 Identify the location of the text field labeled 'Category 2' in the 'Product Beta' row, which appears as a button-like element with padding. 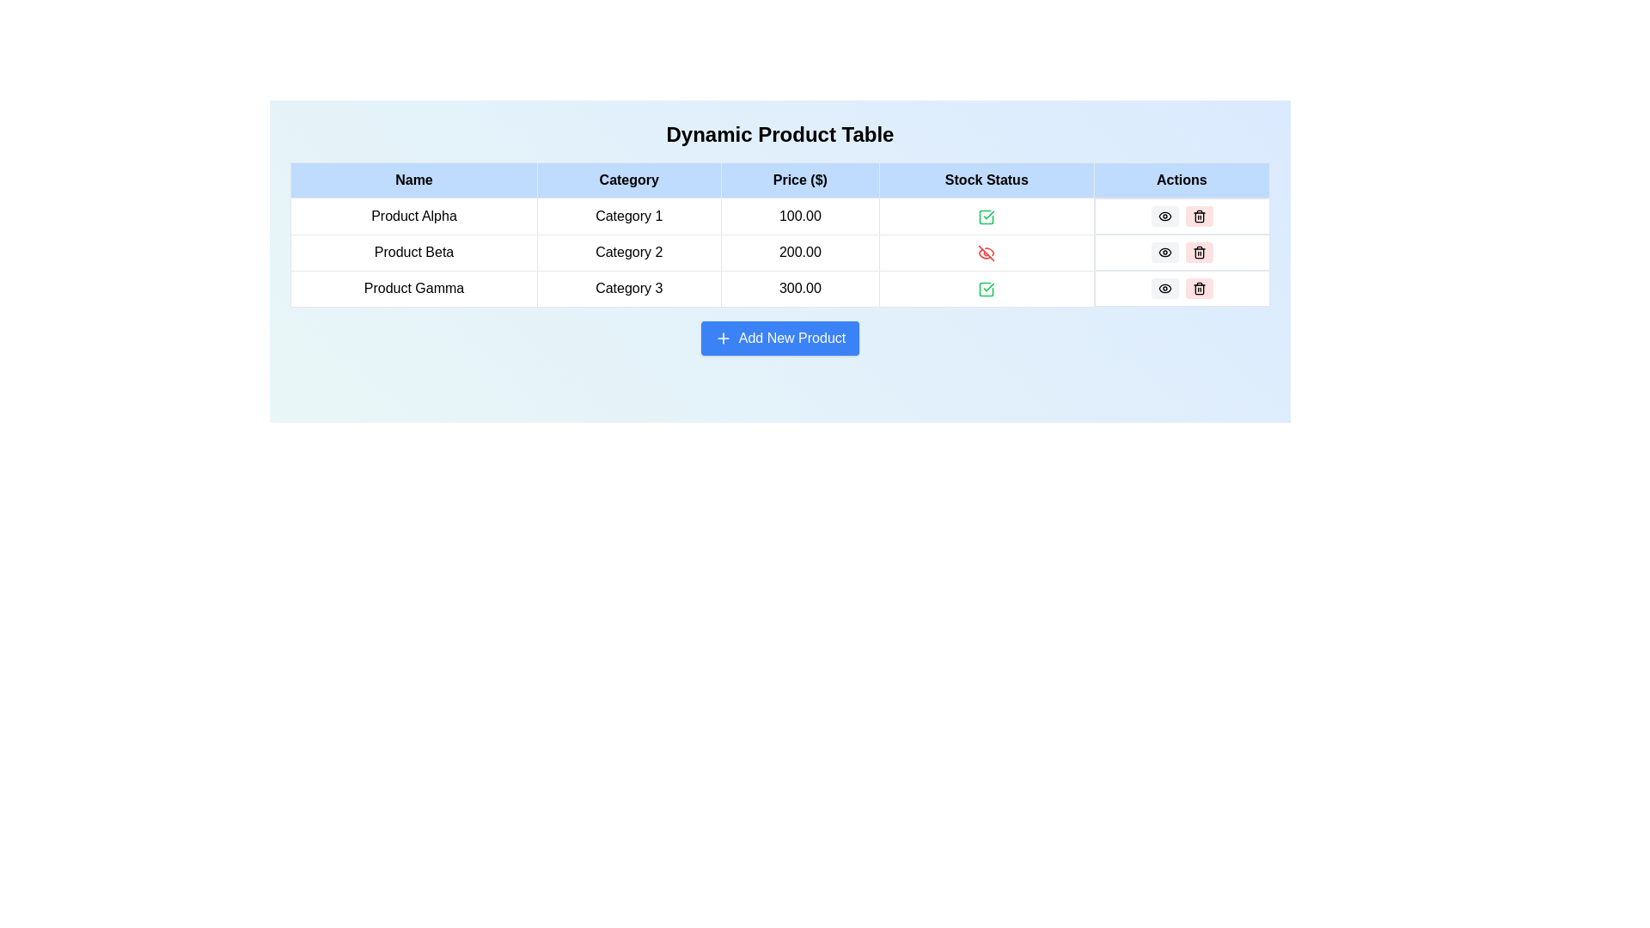
(628, 252).